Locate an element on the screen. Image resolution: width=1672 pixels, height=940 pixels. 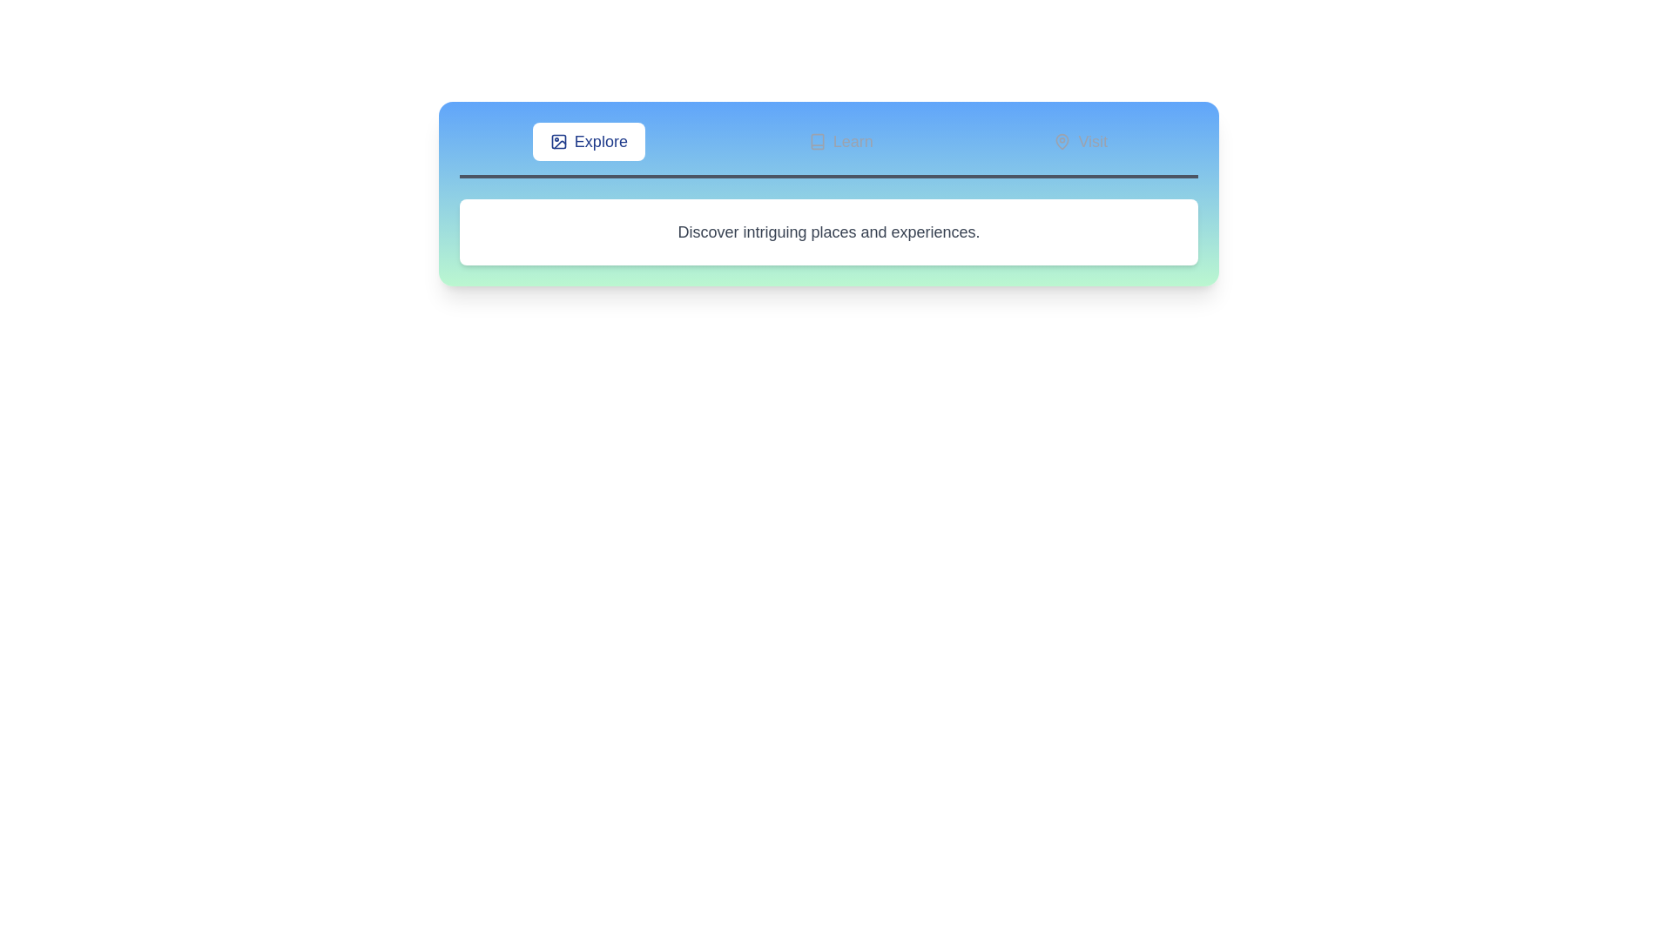
the 'Learn' button, which is the second item in the menu bar is located at coordinates (840, 140).